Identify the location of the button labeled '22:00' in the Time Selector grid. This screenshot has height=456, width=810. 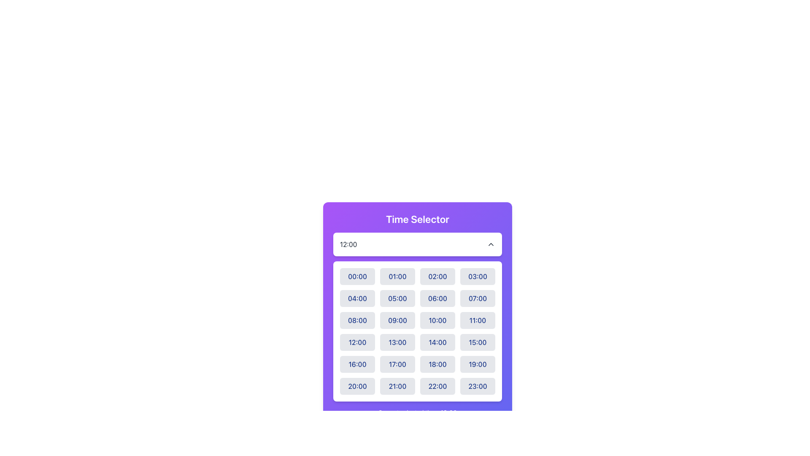
(437, 386).